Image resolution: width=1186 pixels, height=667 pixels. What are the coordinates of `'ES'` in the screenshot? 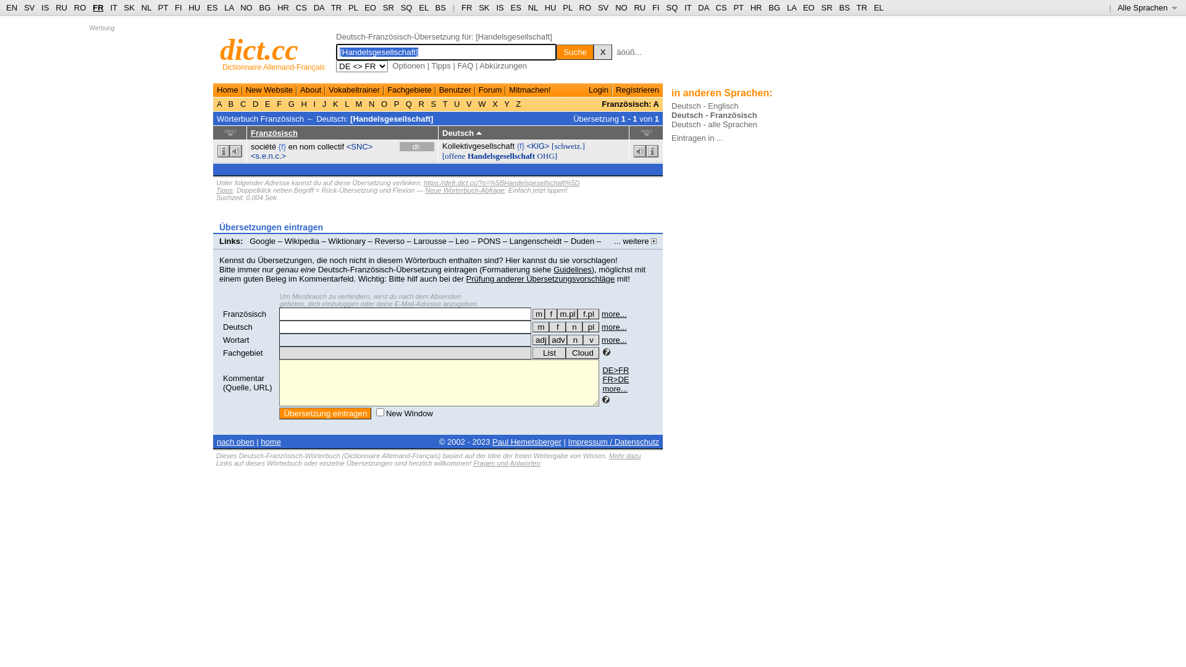 It's located at (516, 7).